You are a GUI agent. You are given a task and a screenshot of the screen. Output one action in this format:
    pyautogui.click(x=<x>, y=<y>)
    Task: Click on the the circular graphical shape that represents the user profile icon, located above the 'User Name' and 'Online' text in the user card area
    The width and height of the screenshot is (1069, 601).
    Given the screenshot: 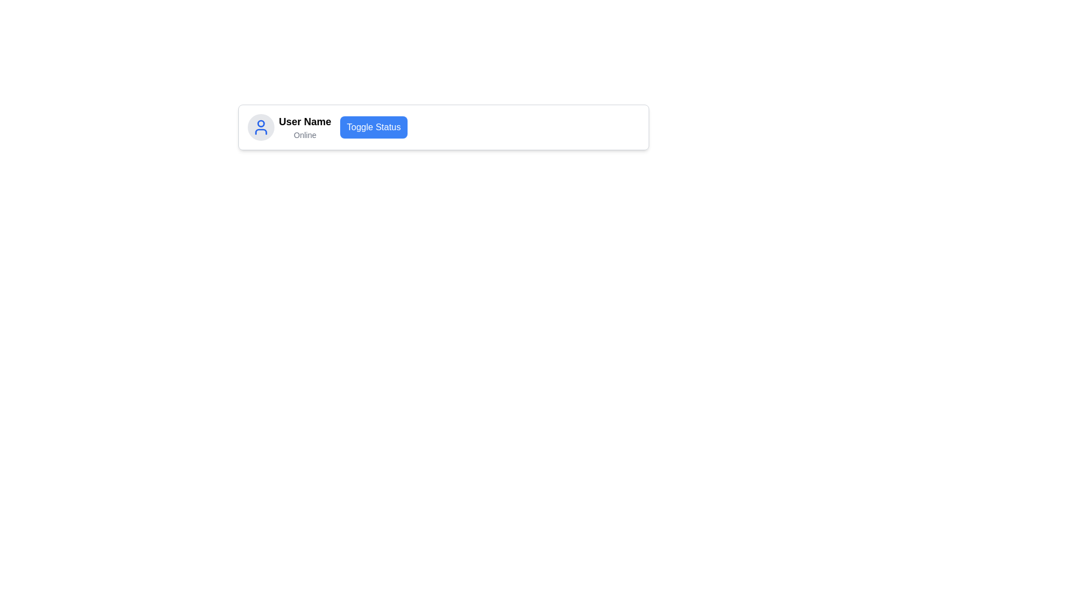 What is the action you would take?
    pyautogui.click(x=261, y=124)
    